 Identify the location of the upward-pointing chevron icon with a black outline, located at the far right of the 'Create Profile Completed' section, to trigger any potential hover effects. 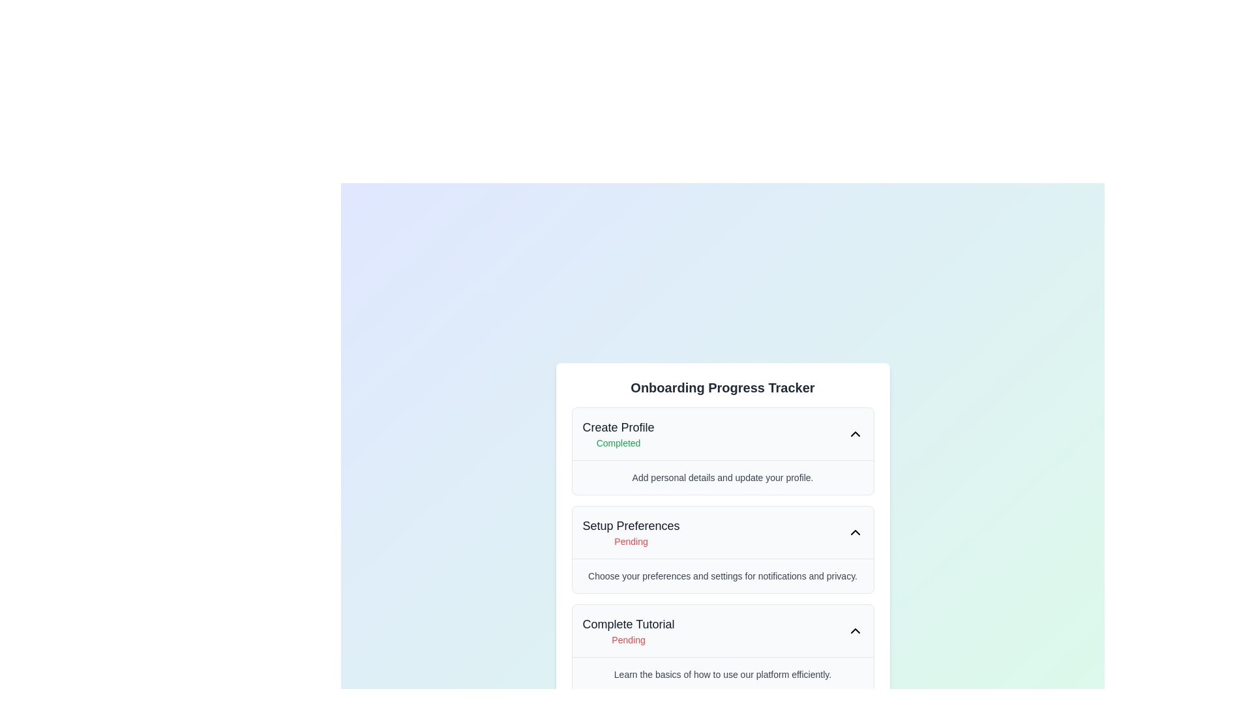
(855, 433).